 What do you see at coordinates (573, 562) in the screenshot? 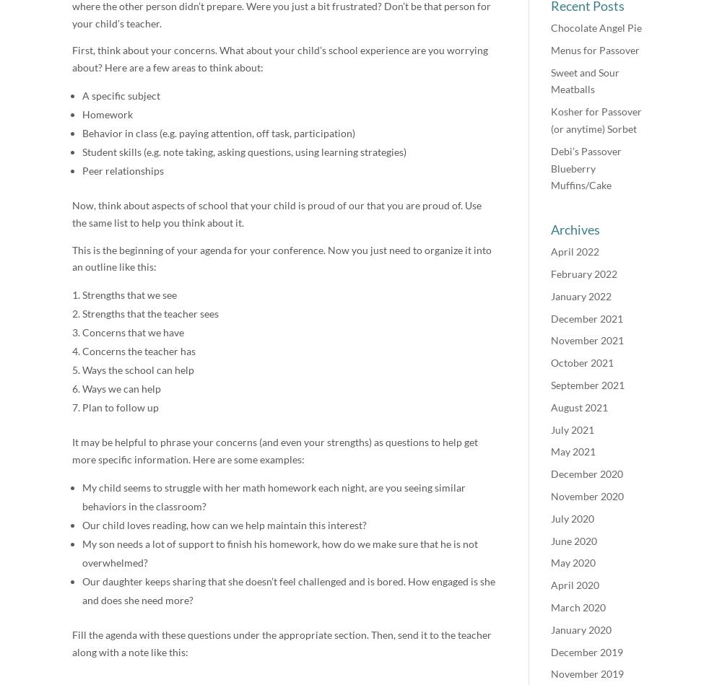
I see `'May 2020'` at bounding box center [573, 562].